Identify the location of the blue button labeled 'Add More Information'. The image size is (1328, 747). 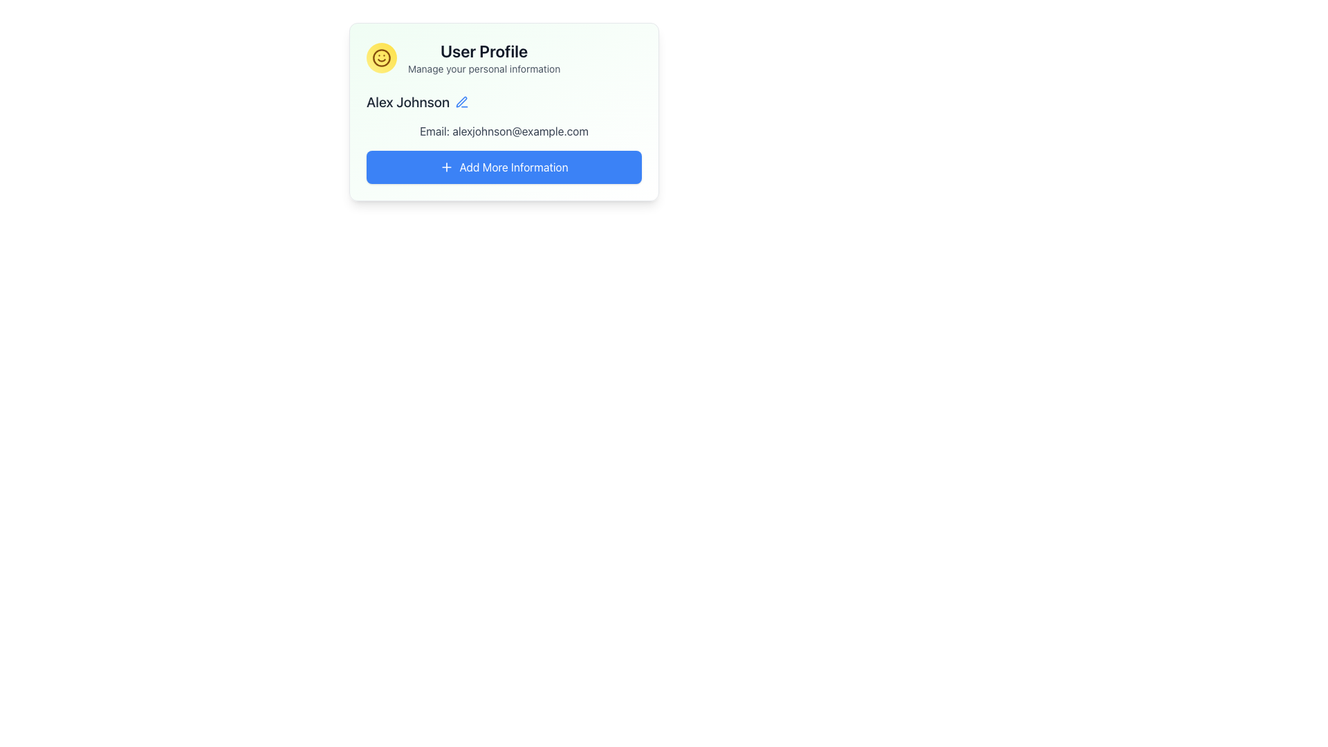
(504, 167).